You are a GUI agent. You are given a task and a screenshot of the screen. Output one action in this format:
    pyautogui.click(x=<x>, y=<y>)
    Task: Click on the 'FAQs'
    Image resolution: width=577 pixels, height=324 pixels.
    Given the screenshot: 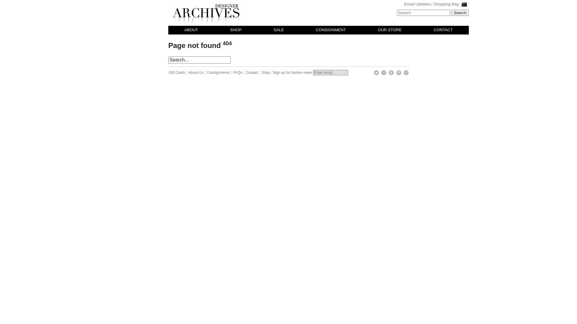 What is the action you would take?
    pyautogui.click(x=238, y=72)
    